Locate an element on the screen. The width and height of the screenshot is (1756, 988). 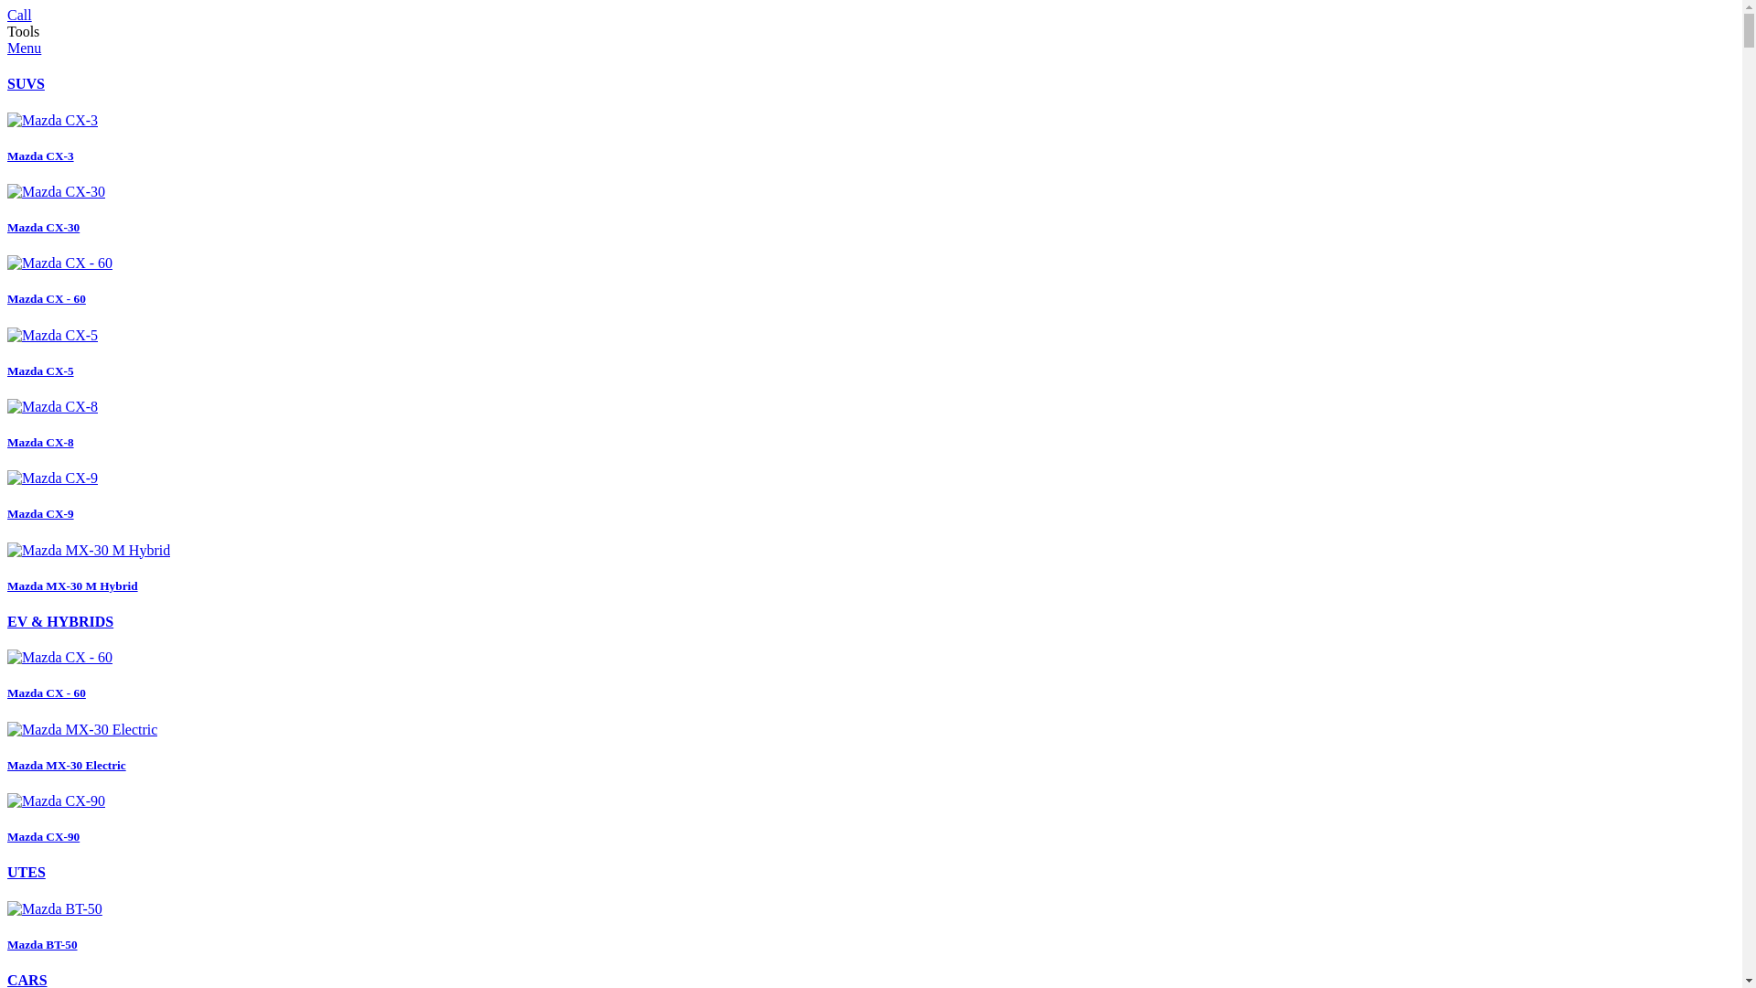
'Menu' is located at coordinates (24, 47).